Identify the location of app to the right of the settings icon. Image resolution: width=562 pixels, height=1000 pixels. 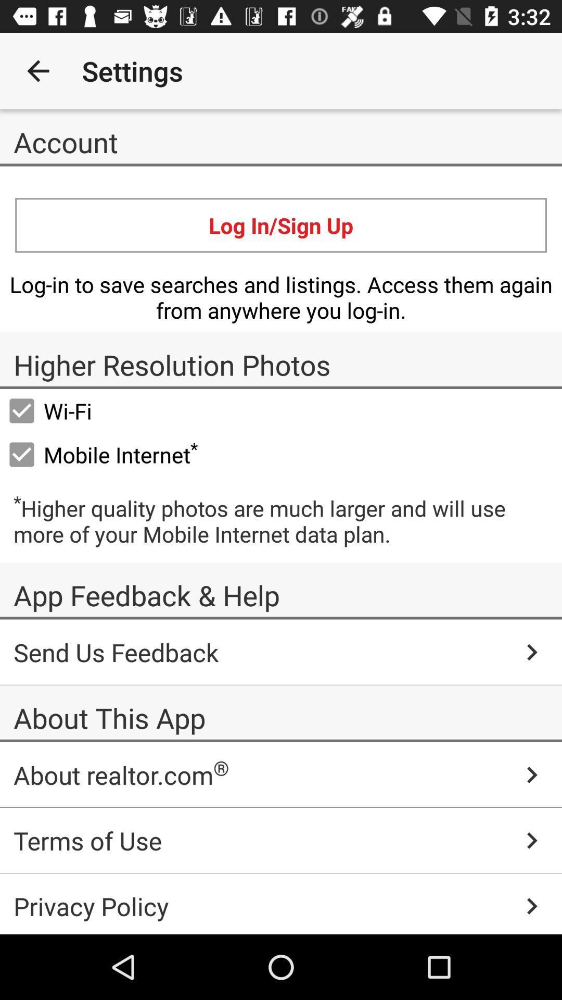
(439, 70).